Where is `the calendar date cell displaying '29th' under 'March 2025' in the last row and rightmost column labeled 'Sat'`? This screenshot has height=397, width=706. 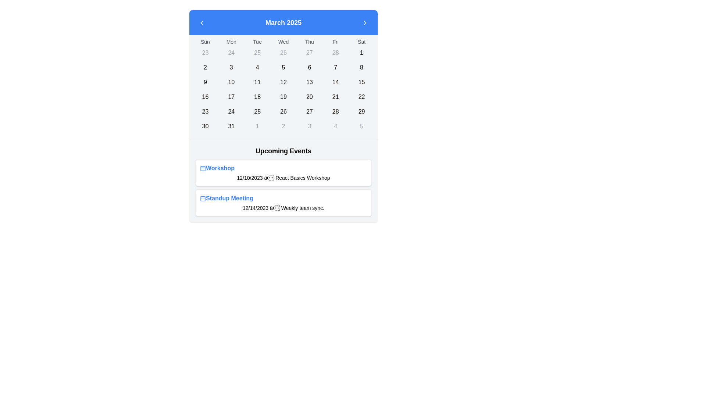 the calendar date cell displaying '29th' under 'March 2025' in the last row and rightmost column labeled 'Sat' is located at coordinates (361, 112).